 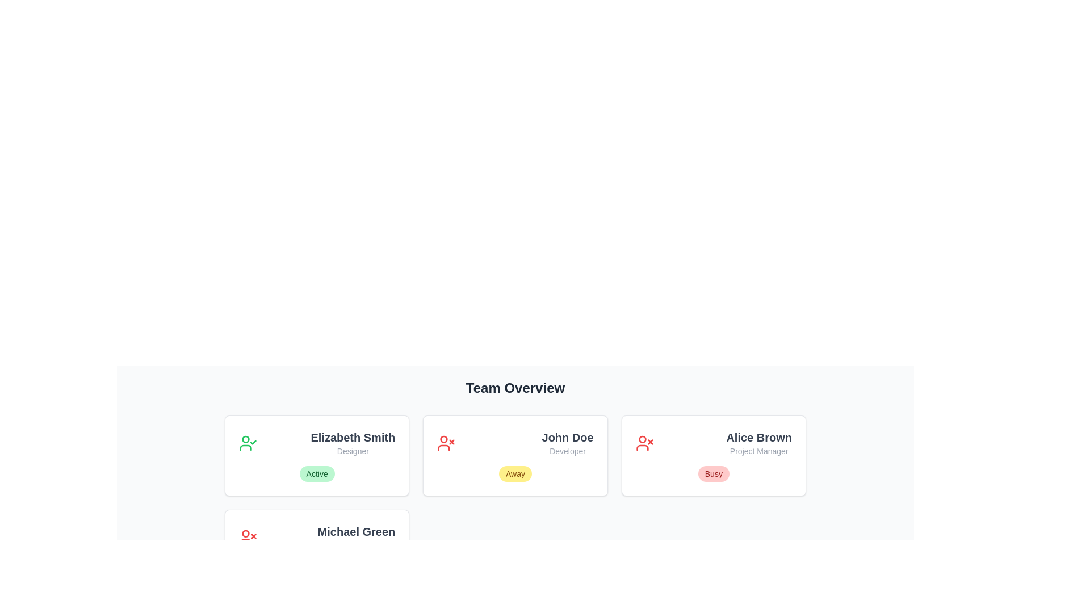 I want to click on the user figure icon with a checkmark styled in green, located to the left of 'Elizabeth Smith' in the team overview layout, so click(x=247, y=442).